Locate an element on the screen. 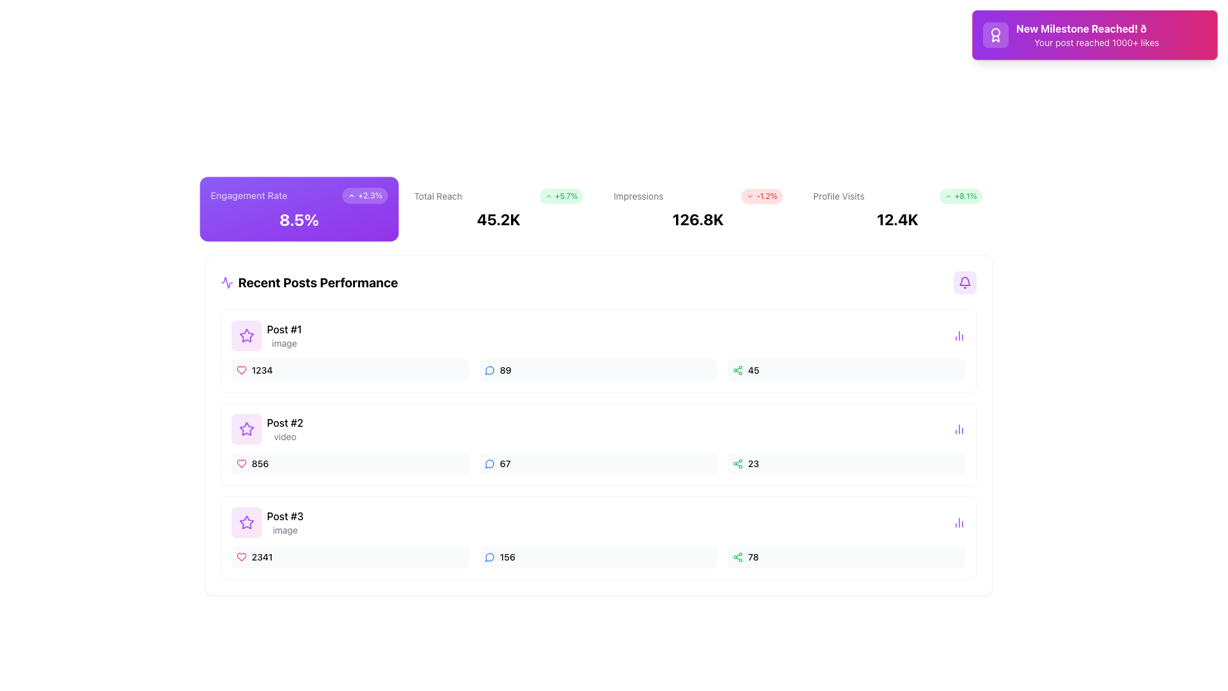 The height and width of the screenshot is (691, 1228). the icon representing 'Post #2' in the 'Recent Posts Performance' list, which is positioned to the left of the text for 'Post #2' is located at coordinates (246, 429).